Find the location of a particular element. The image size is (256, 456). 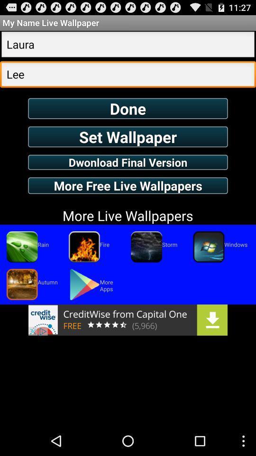

advertisement is located at coordinates (128, 320).